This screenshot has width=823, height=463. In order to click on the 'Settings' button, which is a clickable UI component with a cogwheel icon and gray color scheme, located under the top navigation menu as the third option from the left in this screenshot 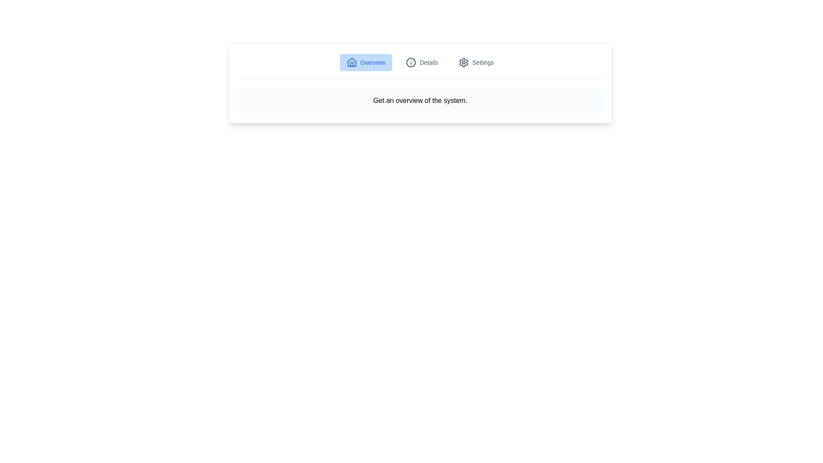, I will do `click(476, 62)`.